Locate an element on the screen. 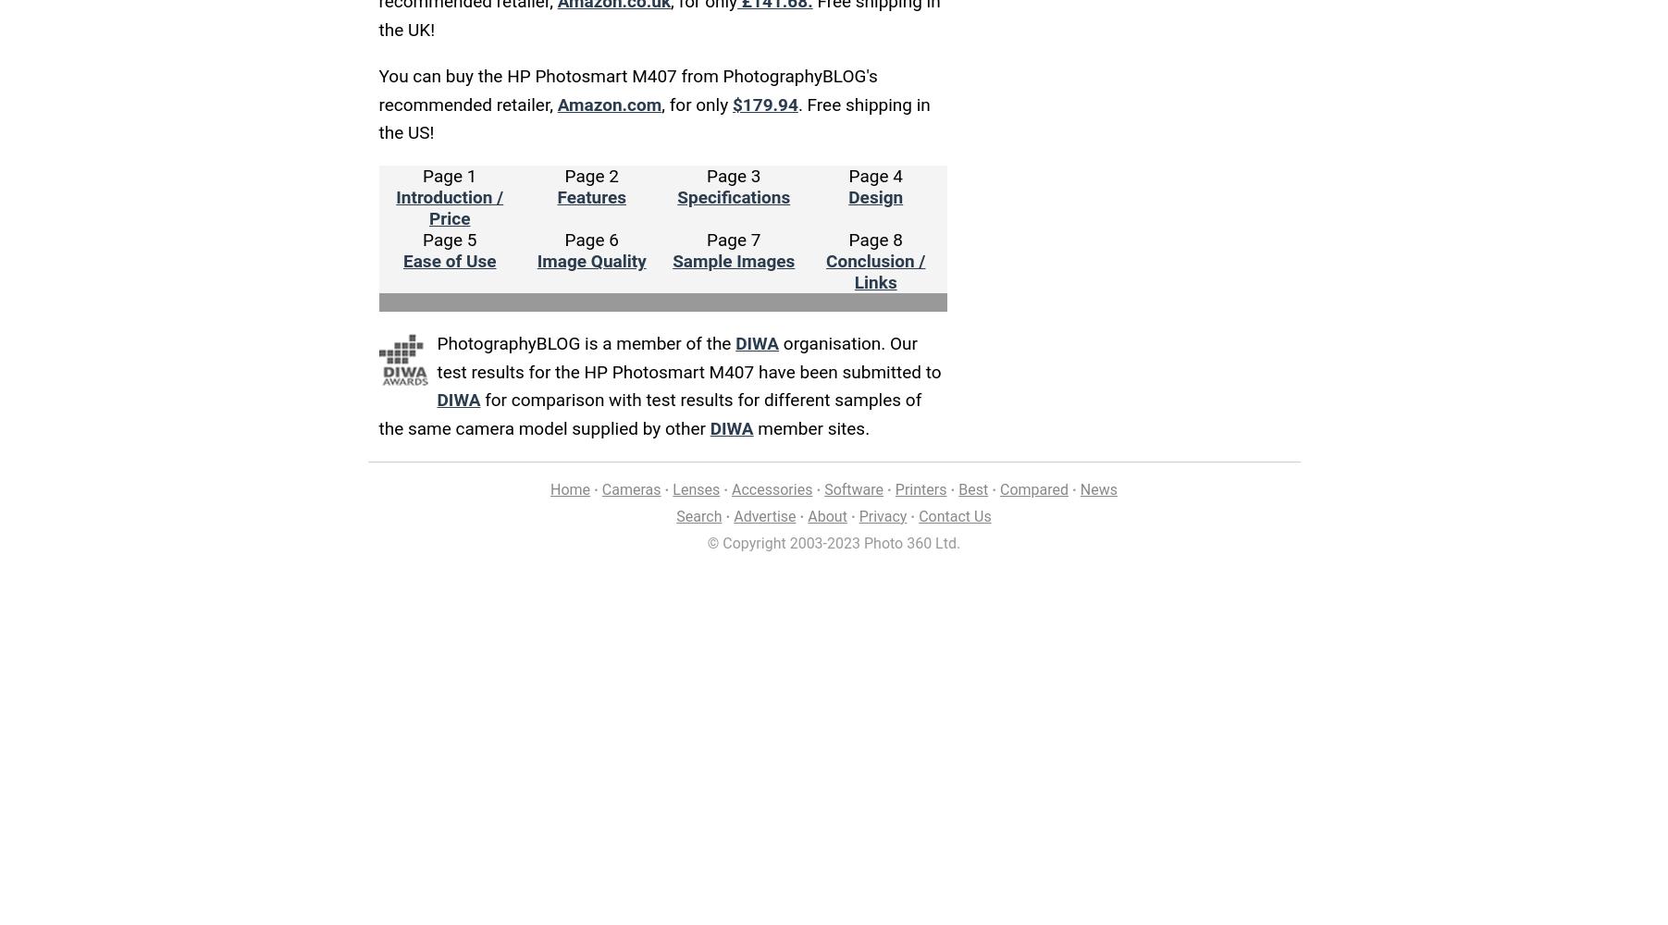  'Page 6' is located at coordinates (563, 240).